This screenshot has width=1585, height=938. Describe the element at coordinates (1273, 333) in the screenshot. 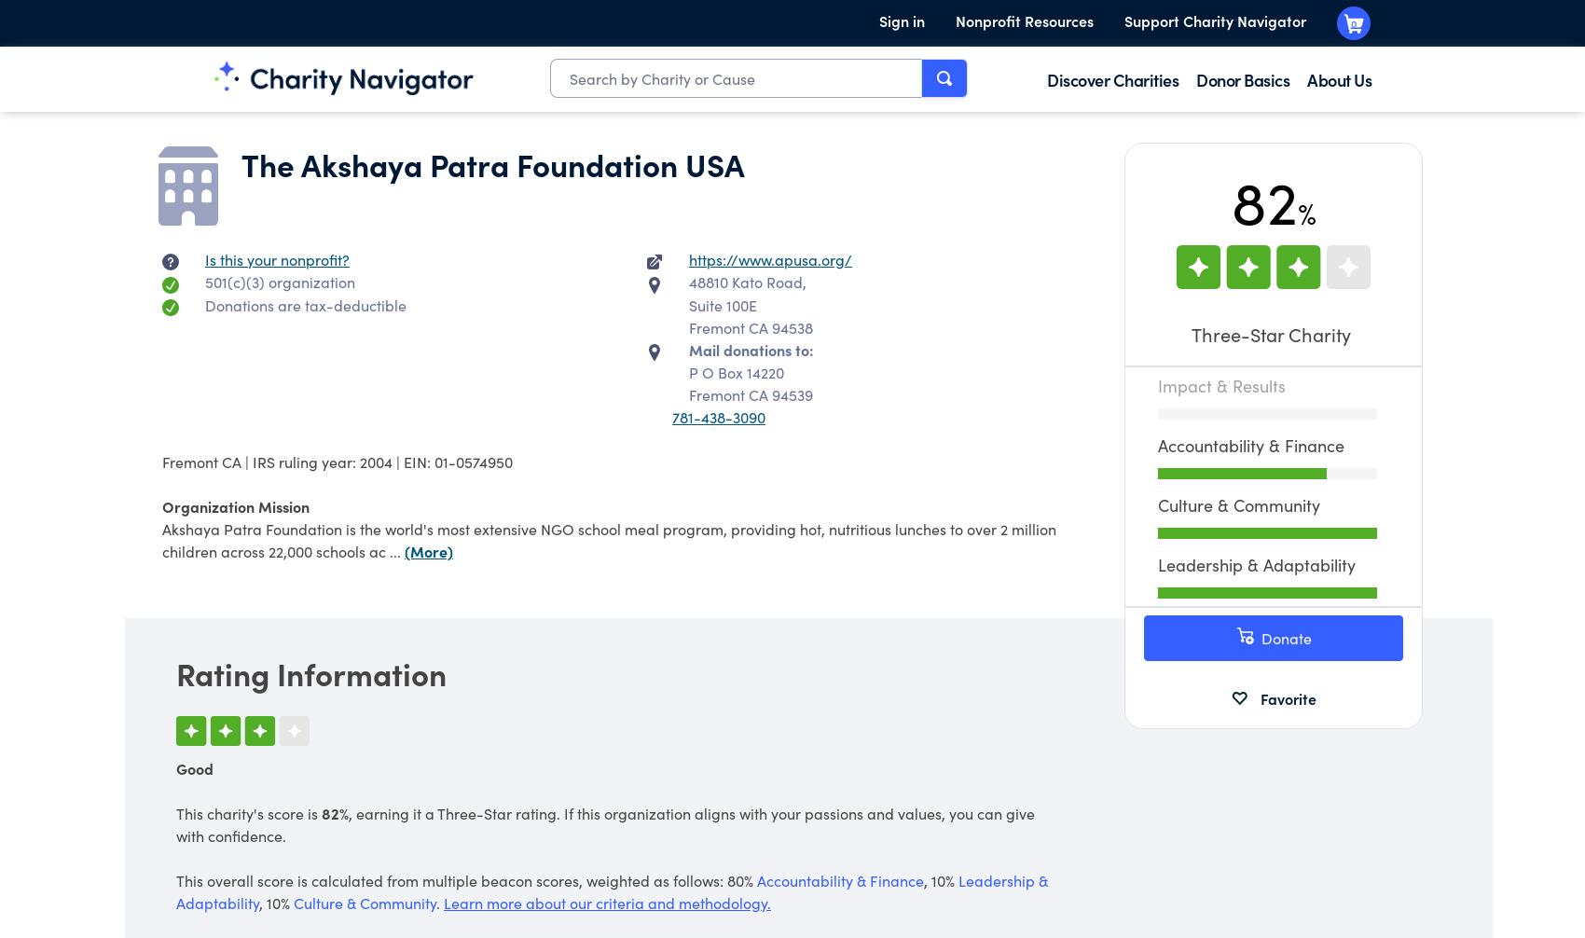

I see `'Three-Star Charity'` at that location.